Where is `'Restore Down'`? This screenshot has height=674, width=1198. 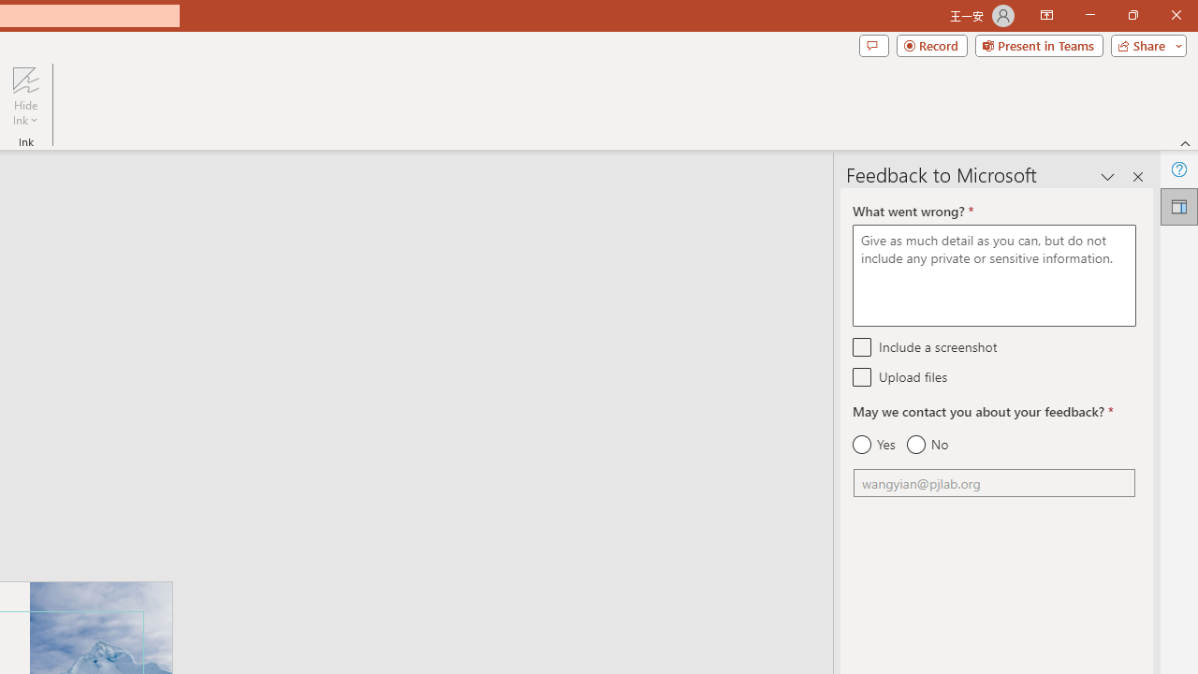
'Restore Down' is located at coordinates (1132, 15).